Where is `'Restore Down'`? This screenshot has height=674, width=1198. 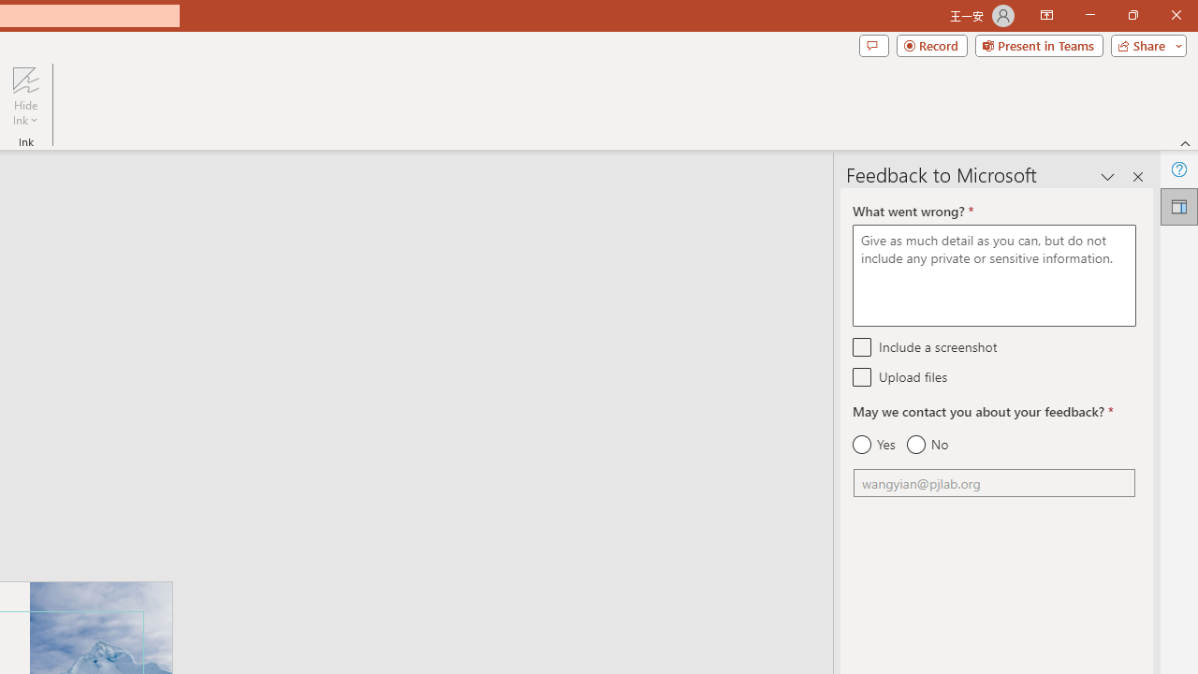
'Restore Down' is located at coordinates (1132, 15).